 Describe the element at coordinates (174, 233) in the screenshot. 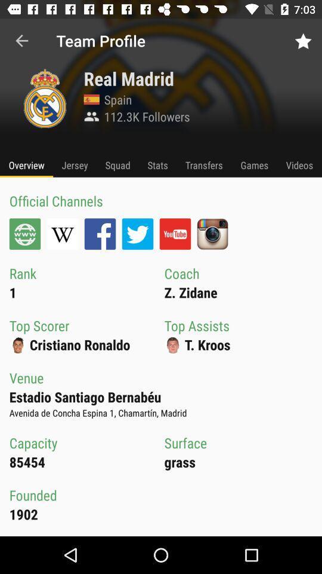

I see `tou type` at that location.